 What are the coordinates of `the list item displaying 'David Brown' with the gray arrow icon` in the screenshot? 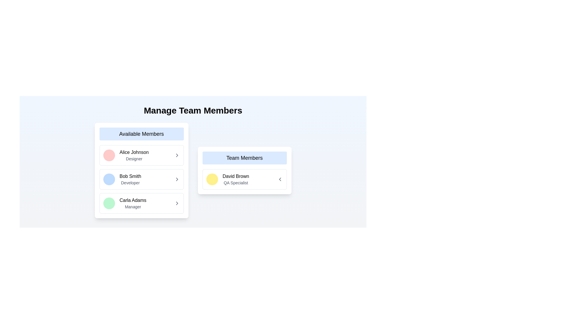 It's located at (244, 179).